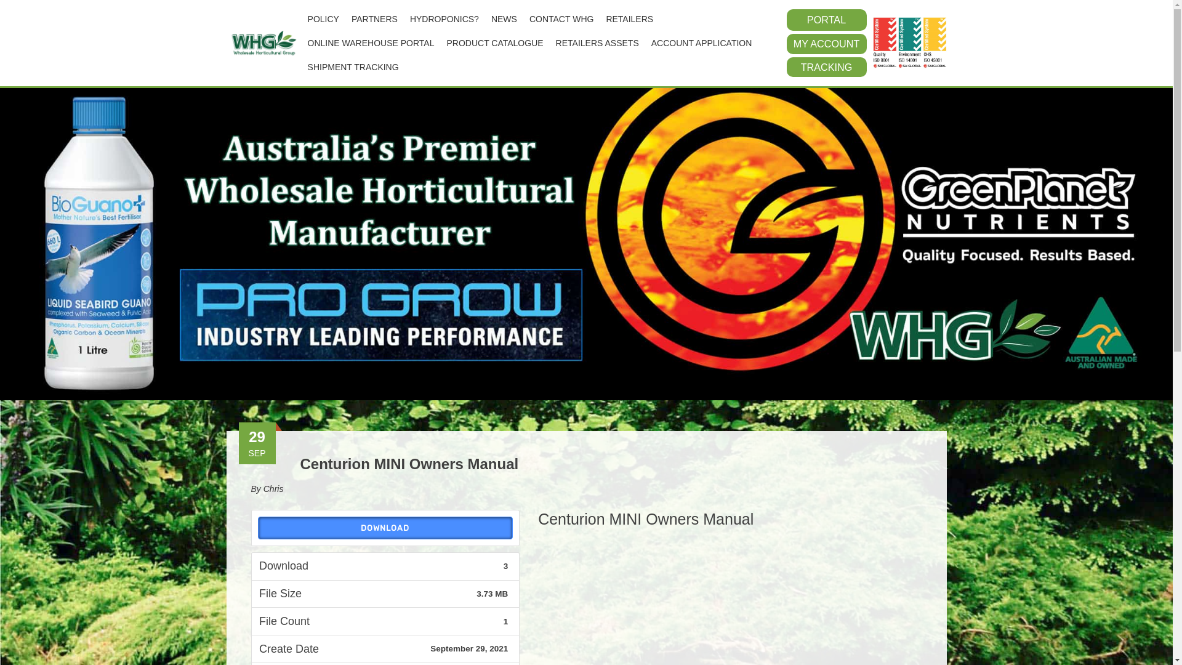 The image size is (1182, 665). I want to click on 'ISO Certified', so click(872, 42).